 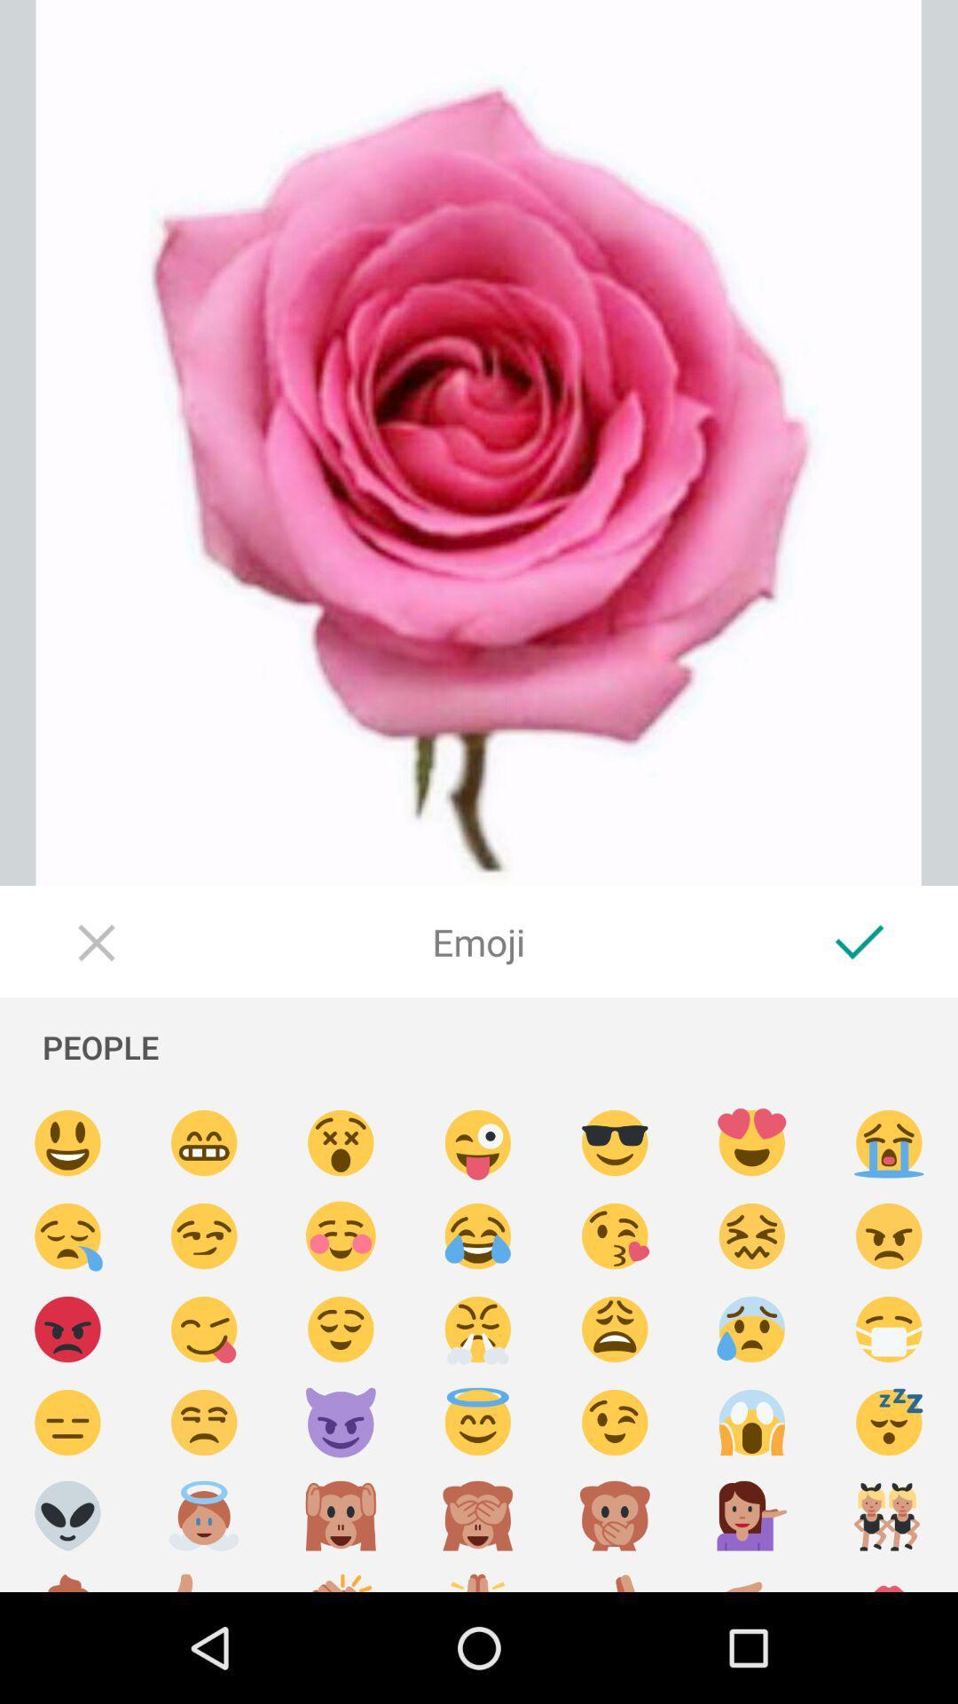 What do you see at coordinates (889, 1329) in the screenshot?
I see `surgical mask emoji` at bounding box center [889, 1329].